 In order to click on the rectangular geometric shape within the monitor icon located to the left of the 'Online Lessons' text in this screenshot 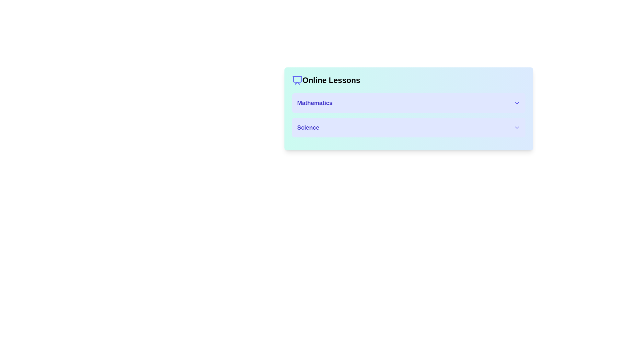, I will do `click(297, 79)`.